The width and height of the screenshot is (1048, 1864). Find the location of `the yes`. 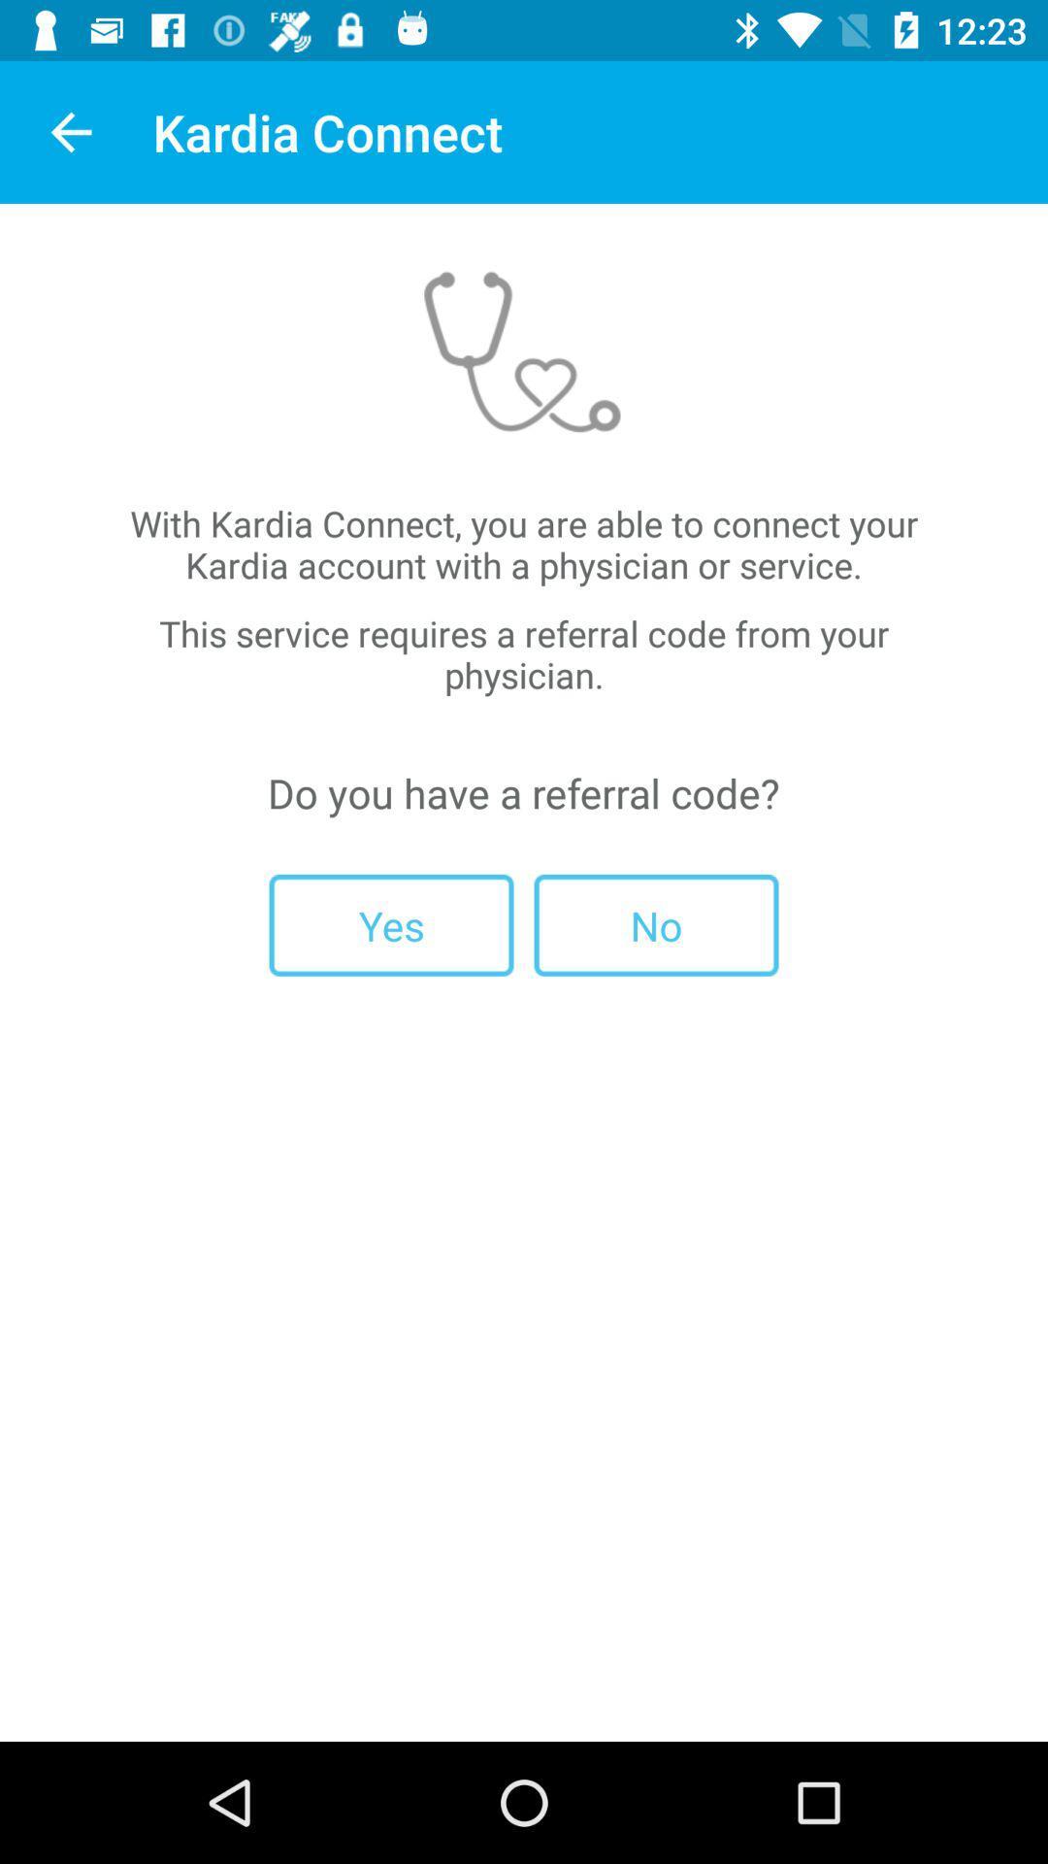

the yes is located at coordinates (391, 924).